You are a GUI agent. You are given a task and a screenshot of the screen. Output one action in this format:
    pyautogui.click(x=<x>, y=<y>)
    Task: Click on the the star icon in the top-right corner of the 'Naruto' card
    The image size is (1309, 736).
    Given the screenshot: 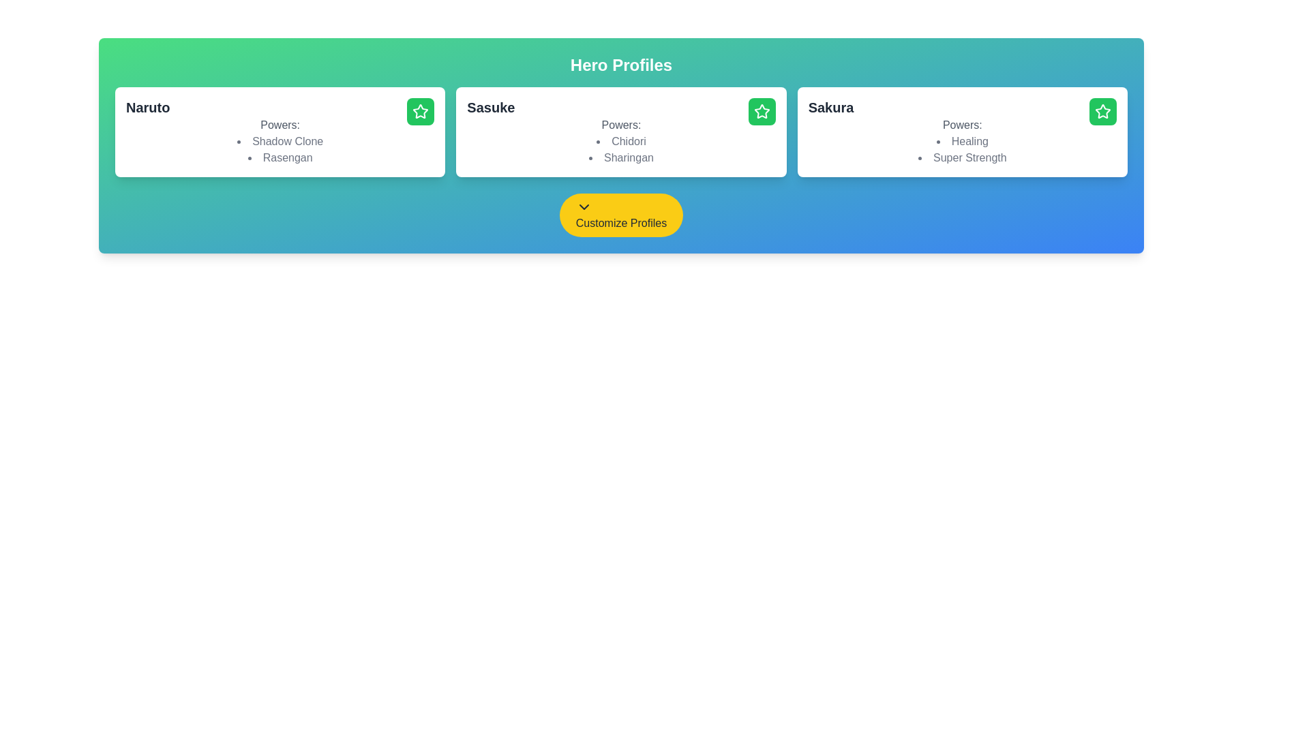 What is the action you would take?
    pyautogui.click(x=420, y=110)
    